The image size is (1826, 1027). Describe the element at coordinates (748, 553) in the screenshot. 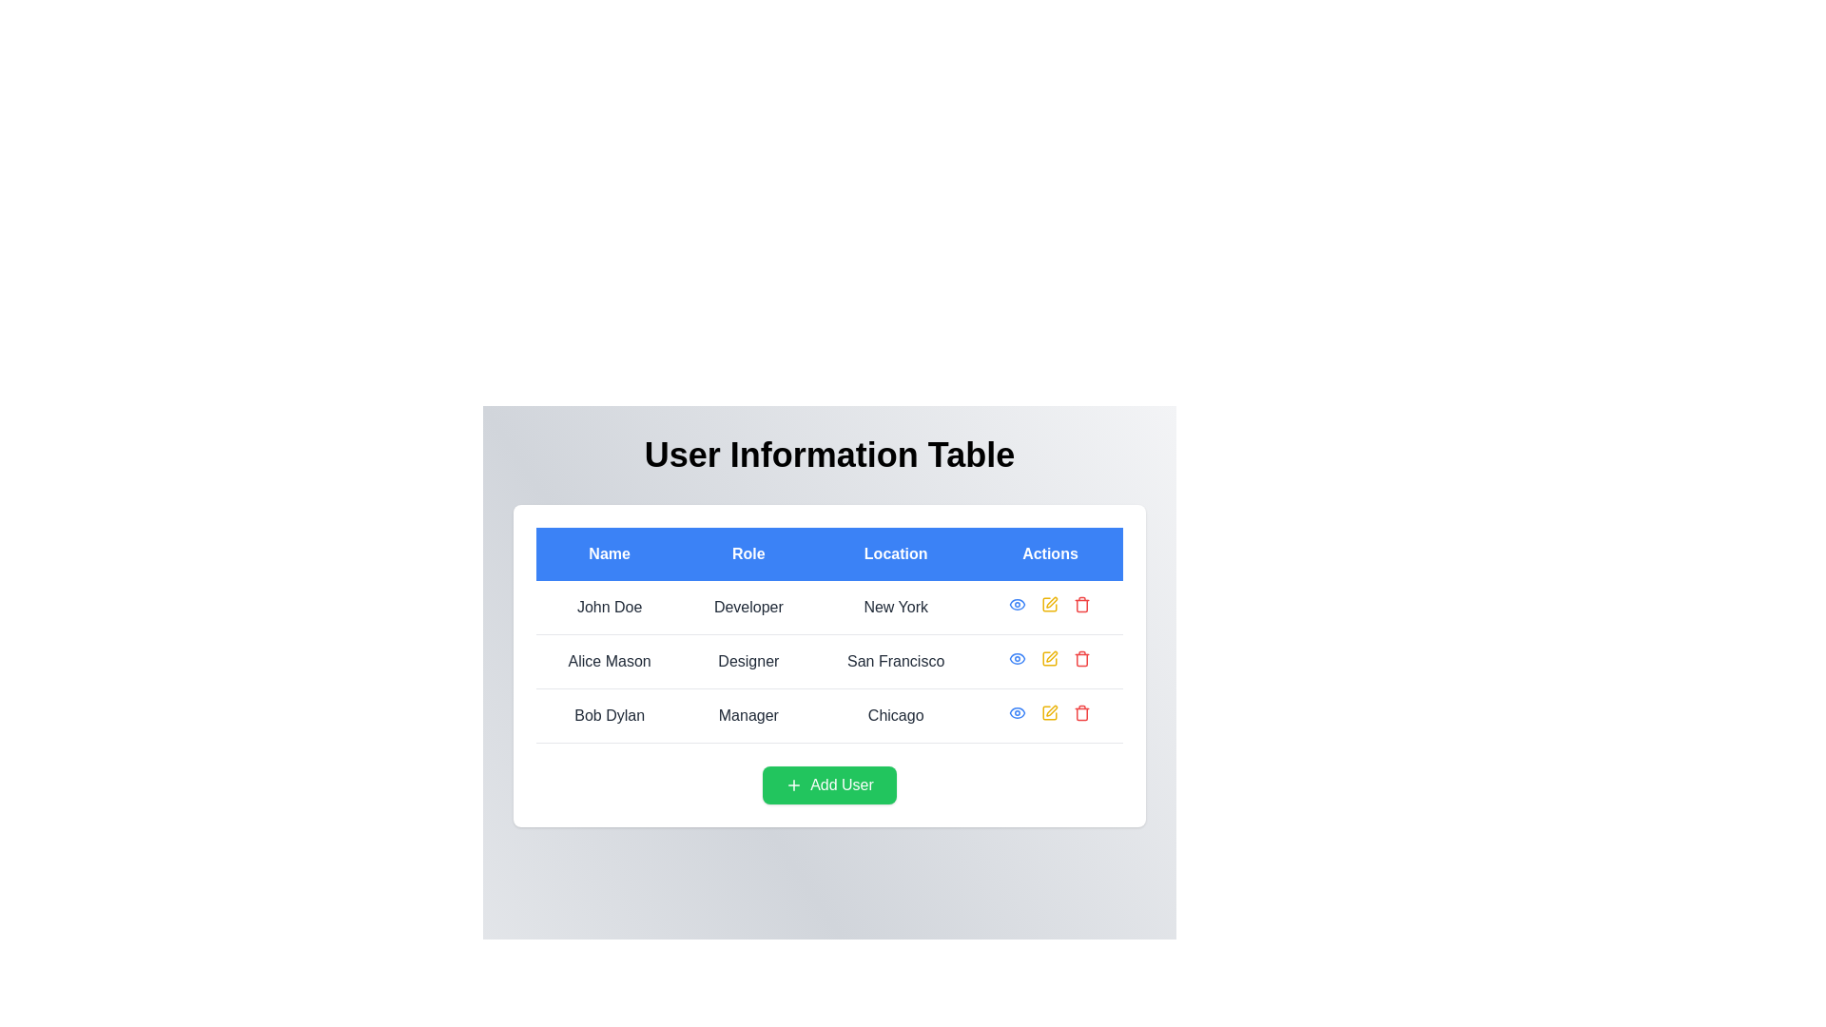

I see `the table header cell labeled 'Role', which indicates the corresponding column contains information about user roles` at that location.